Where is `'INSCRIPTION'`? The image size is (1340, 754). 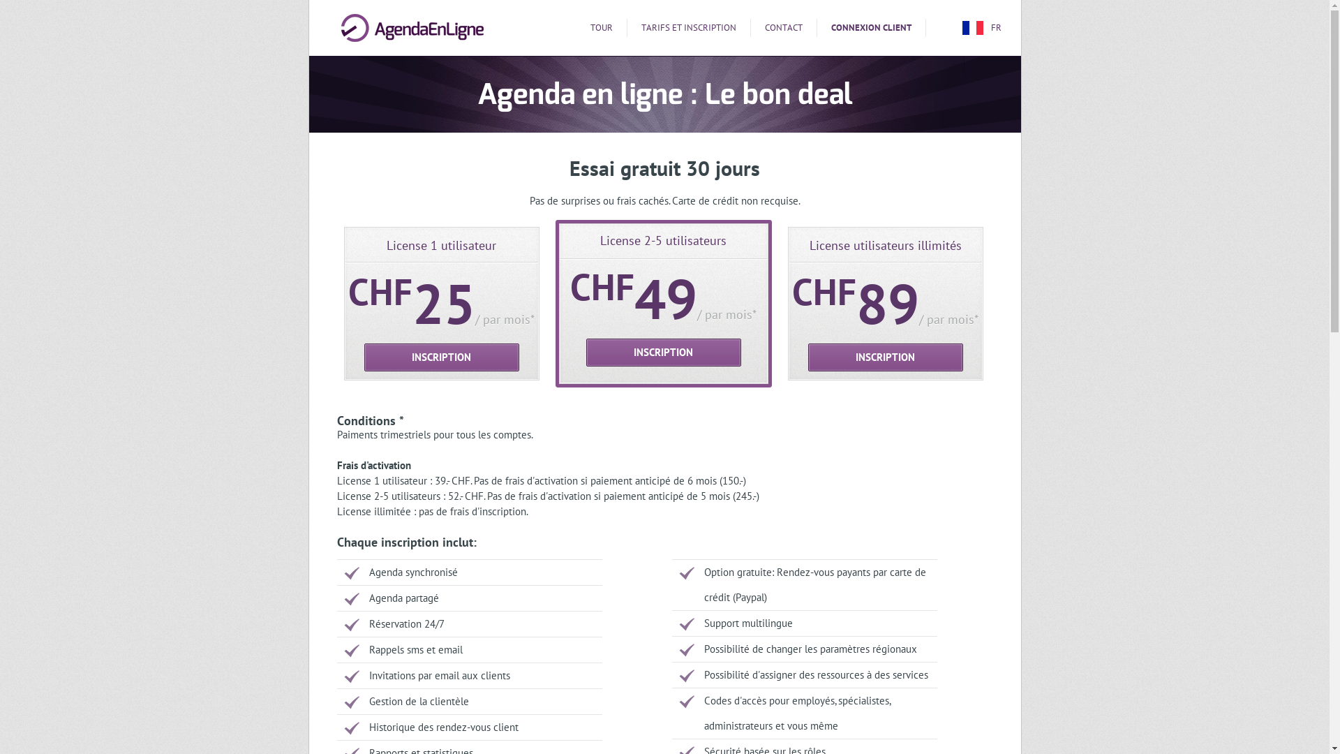
'INSCRIPTION' is located at coordinates (884, 357).